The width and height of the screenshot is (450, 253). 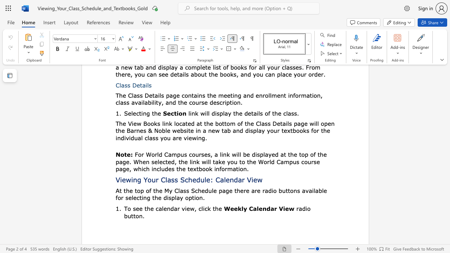 I want to click on the subset text "course page, which includes the textbook inform" within the text "For World Campus courses, a link will be displayed at the top of the page. When selected, the link will take you to the World Campus course page, which includes the textbook information.", so click(x=301, y=162).